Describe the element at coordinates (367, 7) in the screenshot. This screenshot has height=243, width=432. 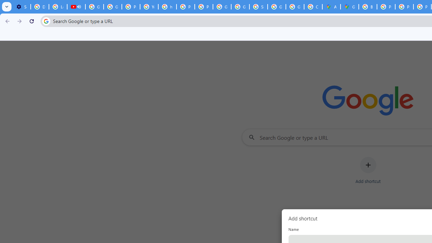
I see `'Blogger Policies and Guidelines - Transparency Center'` at that location.